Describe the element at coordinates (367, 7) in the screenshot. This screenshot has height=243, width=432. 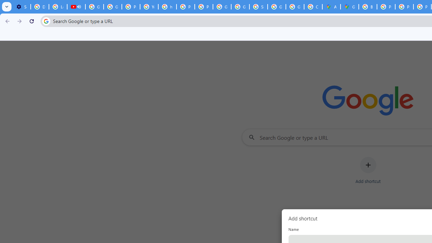
I see `'Blogger Policies and Guidelines - Transparency Center'` at that location.